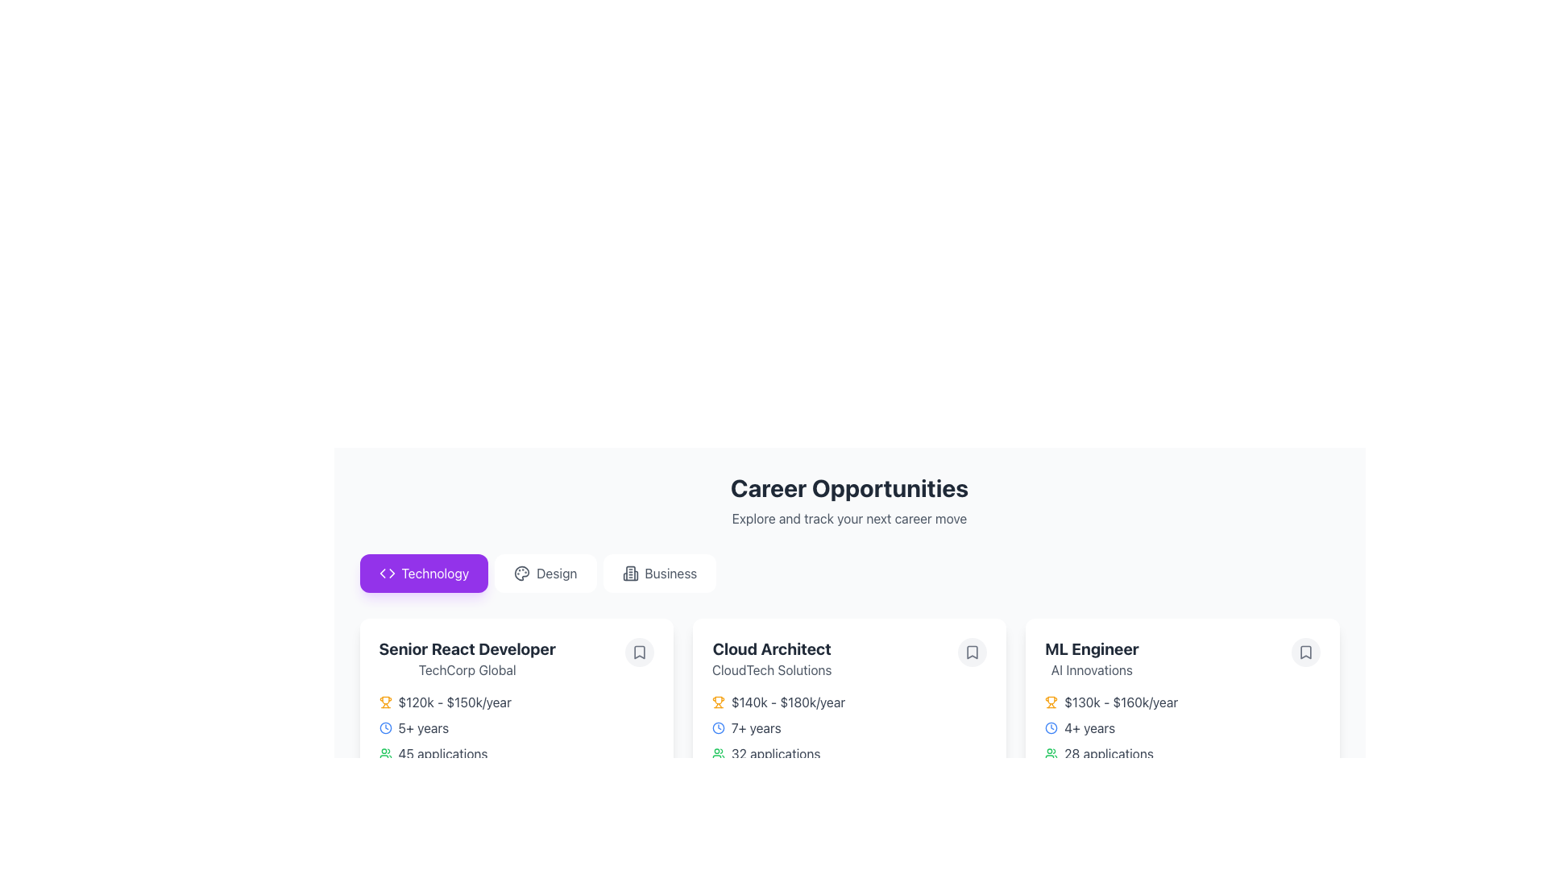 This screenshot has width=1547, height=870. Describe the element at coordinates (848, 701) in the screenshot. I see `salary range information displayed for the 'Cloud Architect' position, located just below the job title and company name in the job details card` at that location.